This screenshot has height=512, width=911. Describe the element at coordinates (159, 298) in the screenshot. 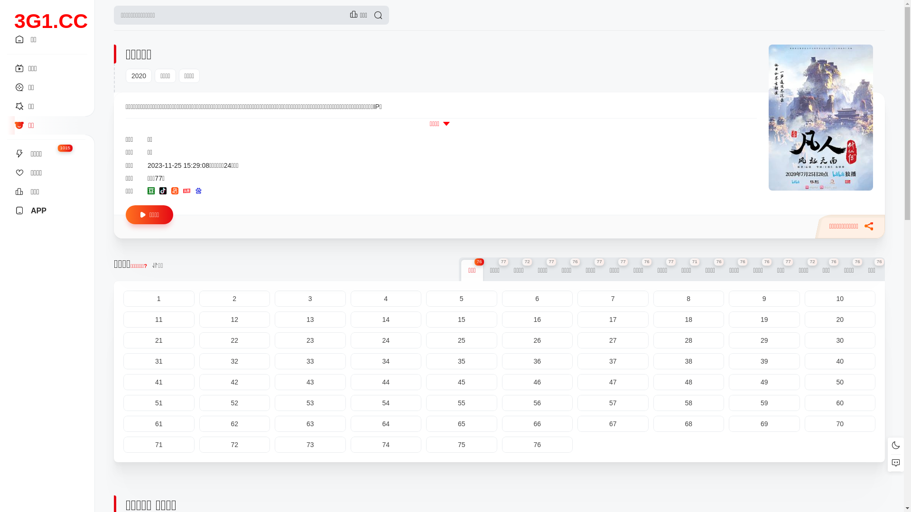

I see `'1'` at that location.